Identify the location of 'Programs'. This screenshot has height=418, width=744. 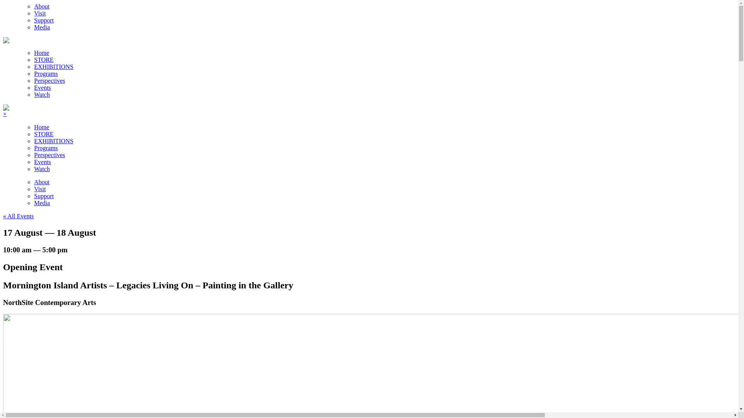
(33, 148).